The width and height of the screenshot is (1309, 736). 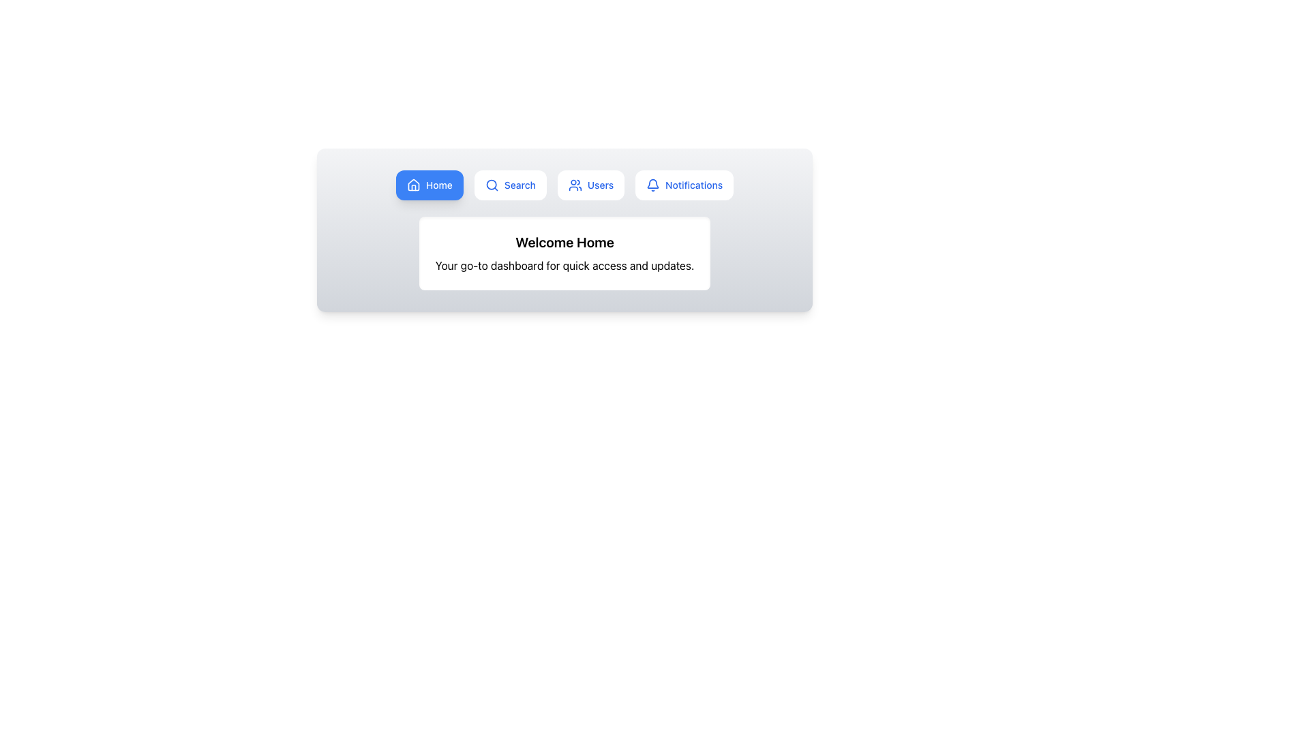 What do you see at coordinates (412, 185) in the screenshot?
I see `the home icon located on the leftmost side of the 'Home' button in the horizontal navigation bar to redirect to the main page or dashboard` at bounding box center [412, 185].